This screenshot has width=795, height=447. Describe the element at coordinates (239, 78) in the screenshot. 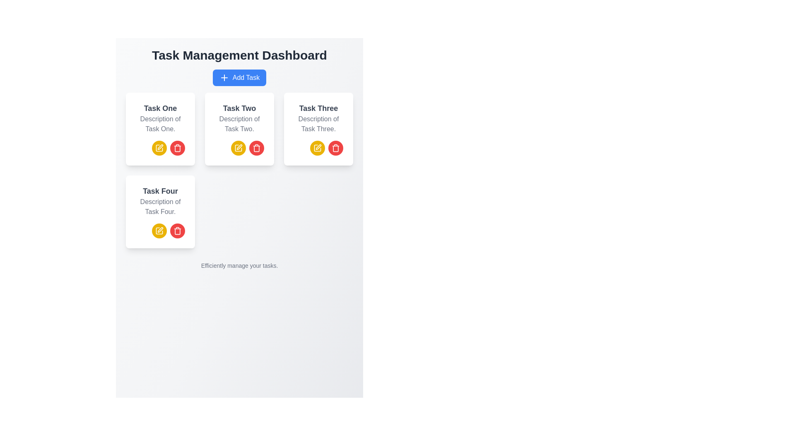

I see `the blue 'Add Task' button with rounded corners to observe visual changes, as it is the only button in this section of the dashboard` at that location.